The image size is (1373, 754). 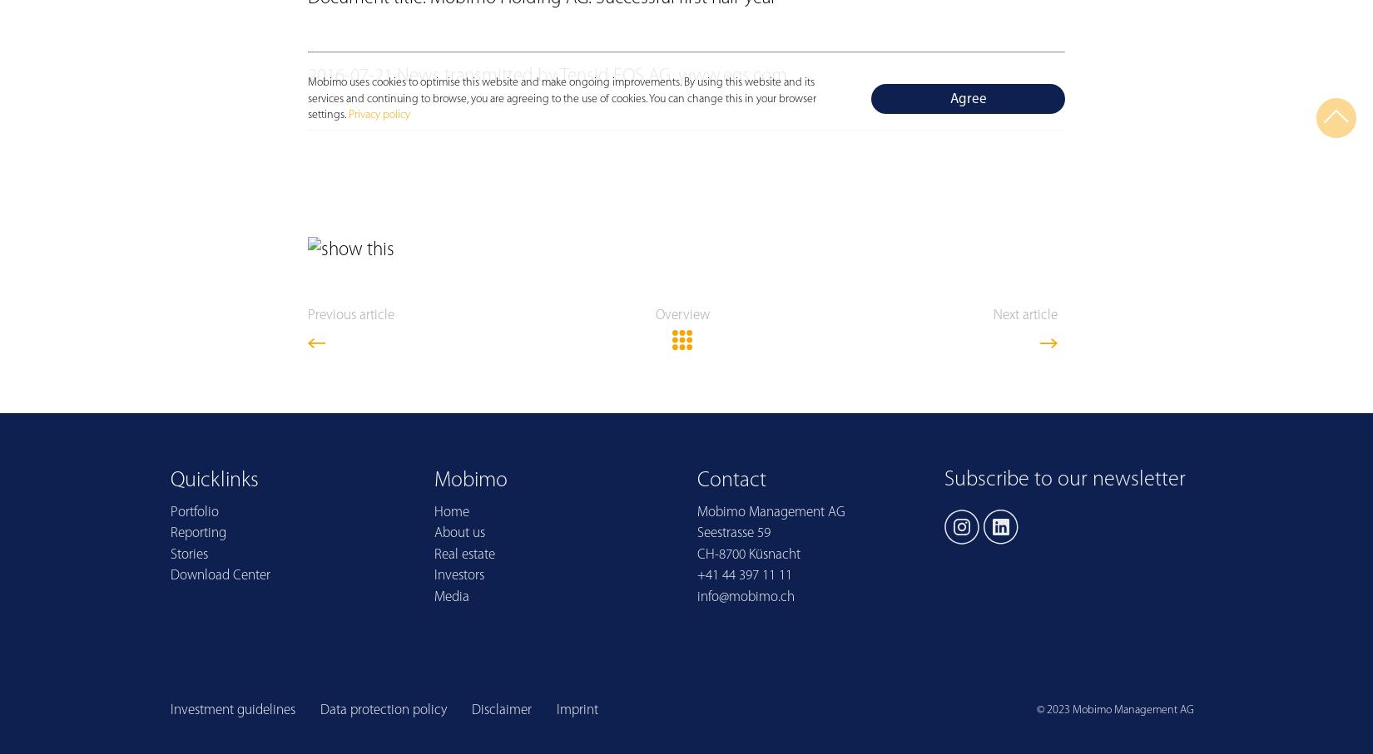 What do you see at coordinates (383, 709) in the screenshot?
I see `'Data protection policy'` at bounding box center [383, 709].